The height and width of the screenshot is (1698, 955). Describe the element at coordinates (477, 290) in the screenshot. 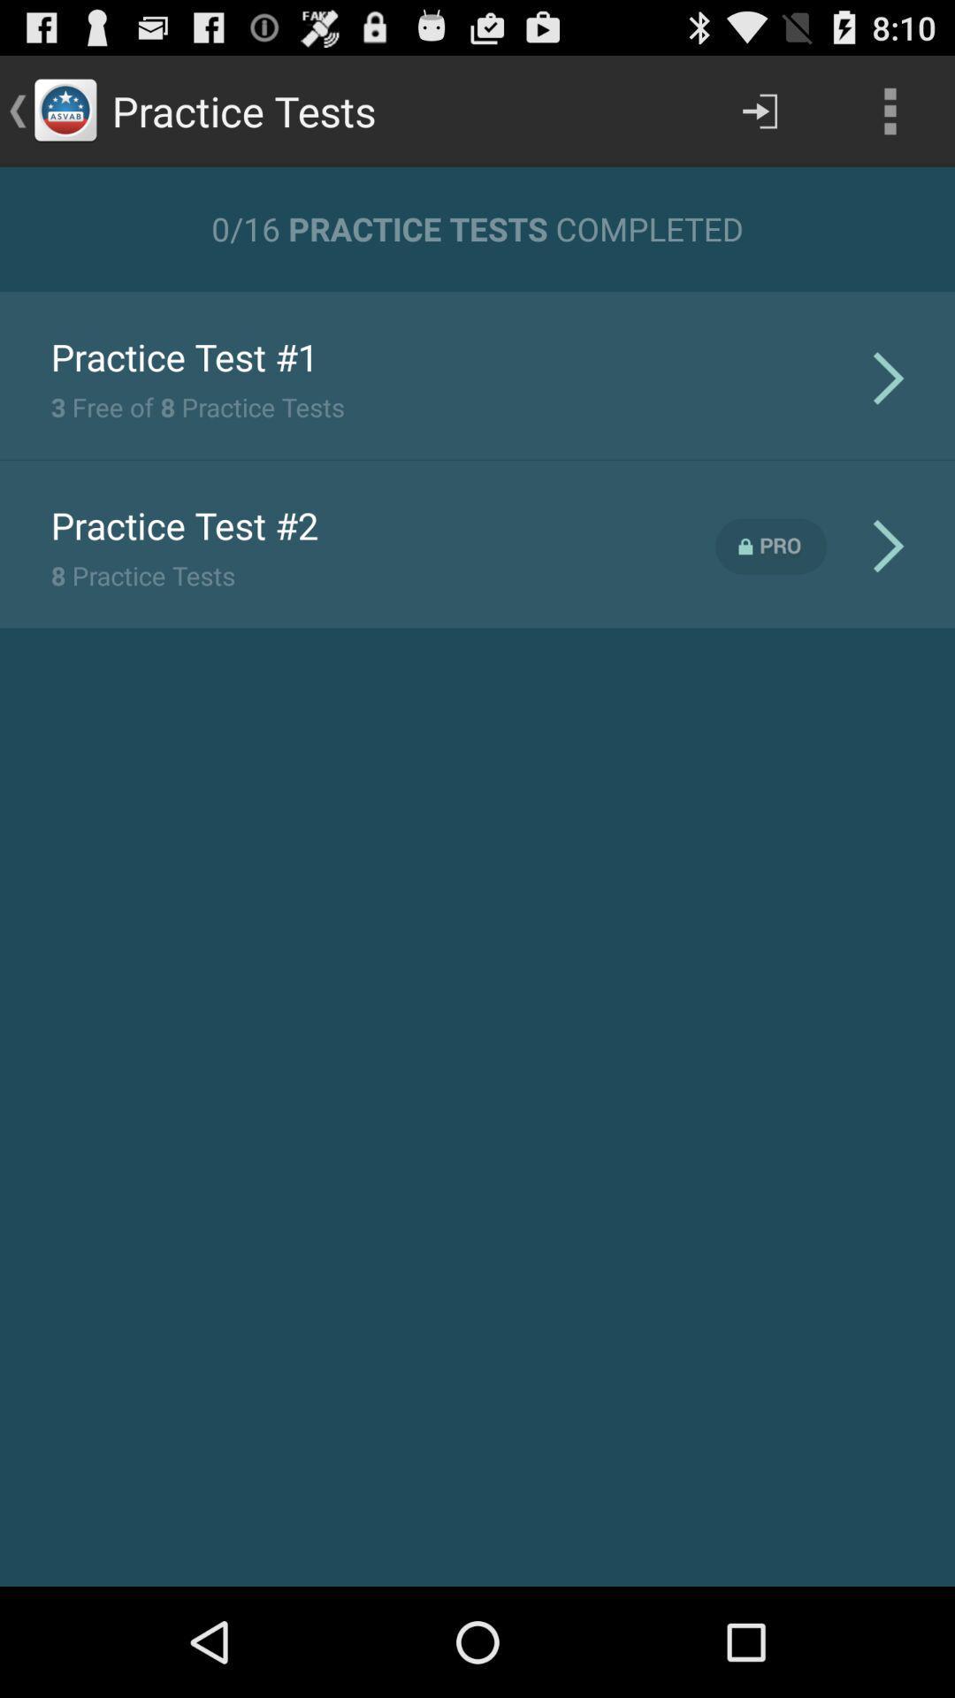

I see `app below 0 16 practice icon` at that location.